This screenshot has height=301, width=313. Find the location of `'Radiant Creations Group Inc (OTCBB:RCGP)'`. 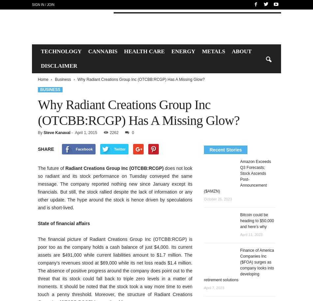

'Radiant Creations Group Inc (OTCBB:RCGP)' is located at coordinates (114, 168).